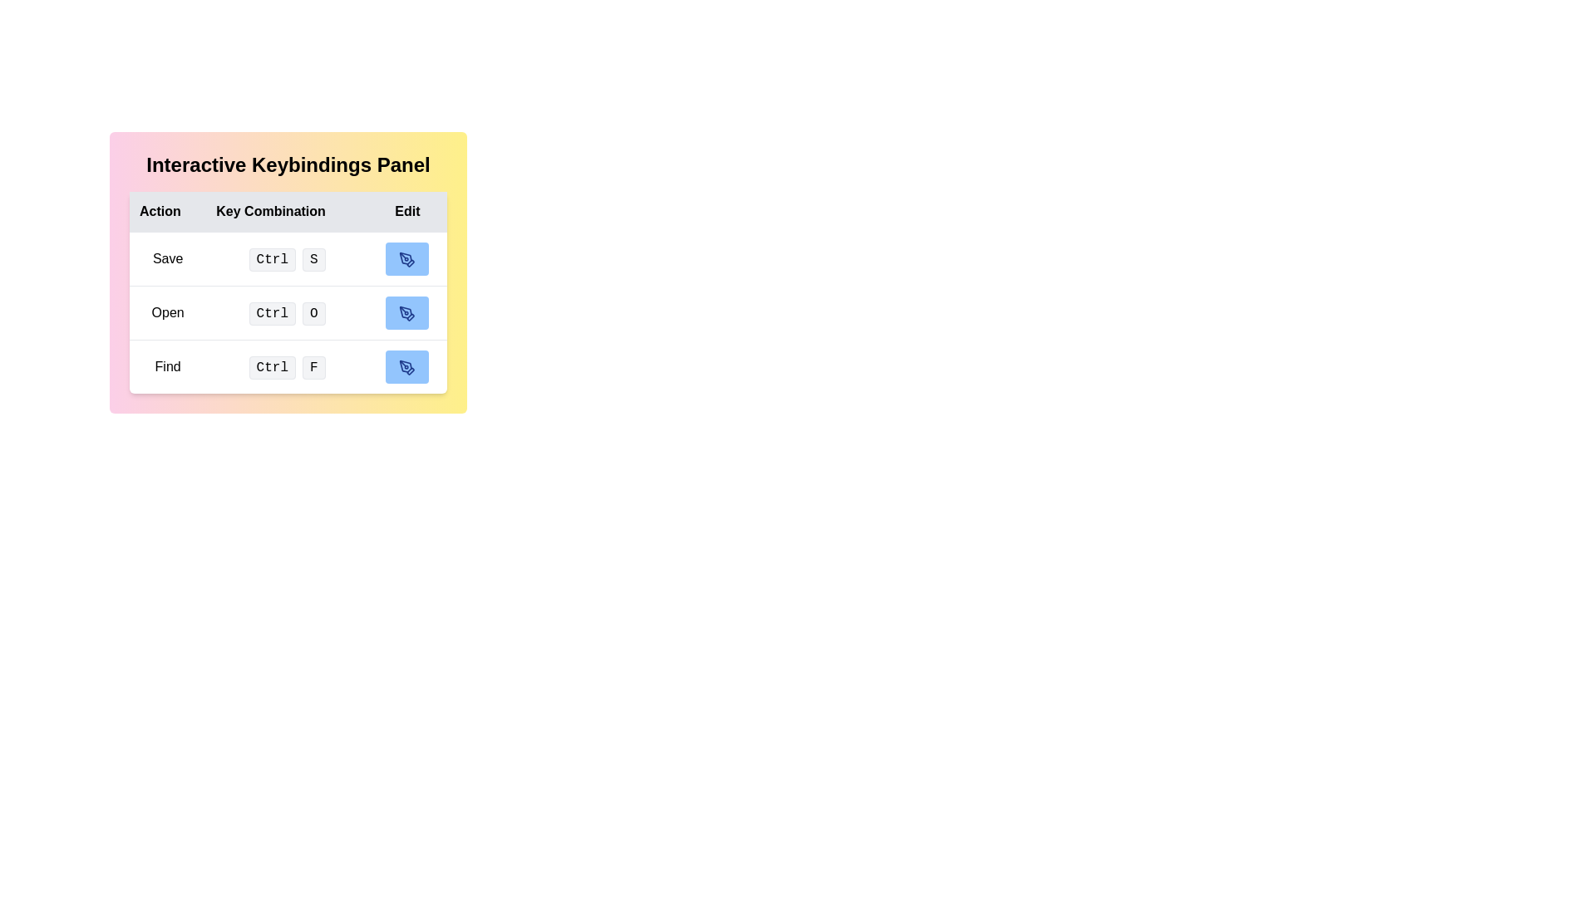  Describe the element at coordinates (272, 366) in the screenshot. I see `the 'Ctrl' modifier key label in the Key Combination column of the third row labeled 'Find' in the table layout` at that location.